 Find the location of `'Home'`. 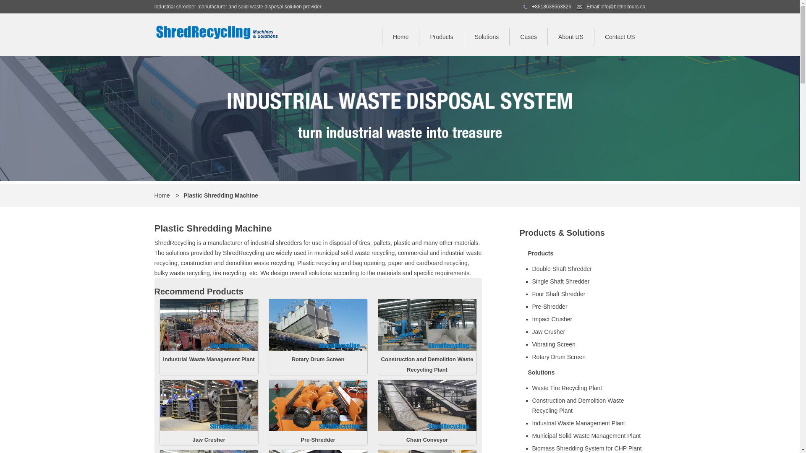

'Home' is located at coordinates (162, 195).